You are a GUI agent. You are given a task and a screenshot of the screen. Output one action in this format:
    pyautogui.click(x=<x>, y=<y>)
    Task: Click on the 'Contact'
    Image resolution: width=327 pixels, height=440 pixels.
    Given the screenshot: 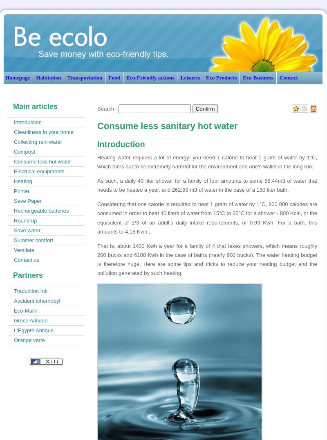 What is the action you would take?
    pyautogui.click(x=279, y=77)
    